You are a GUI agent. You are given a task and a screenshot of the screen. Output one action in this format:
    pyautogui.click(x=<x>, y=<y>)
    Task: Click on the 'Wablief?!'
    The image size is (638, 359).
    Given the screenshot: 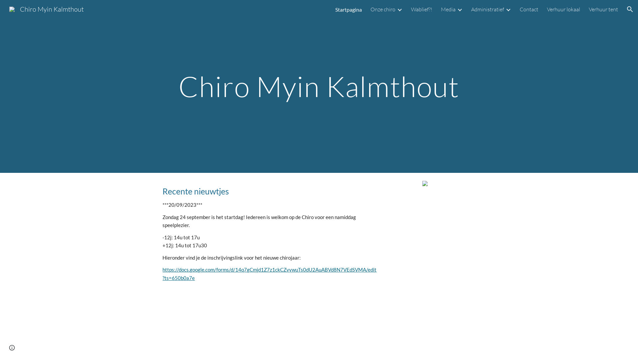 What is the action you would take?
    pyautogui.click(x=421, y=9)
    